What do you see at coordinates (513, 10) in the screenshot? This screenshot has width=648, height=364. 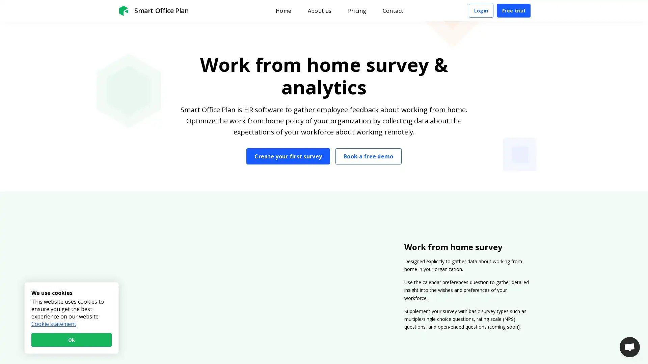 I see `Free trial` at bounding box center [513, 10].